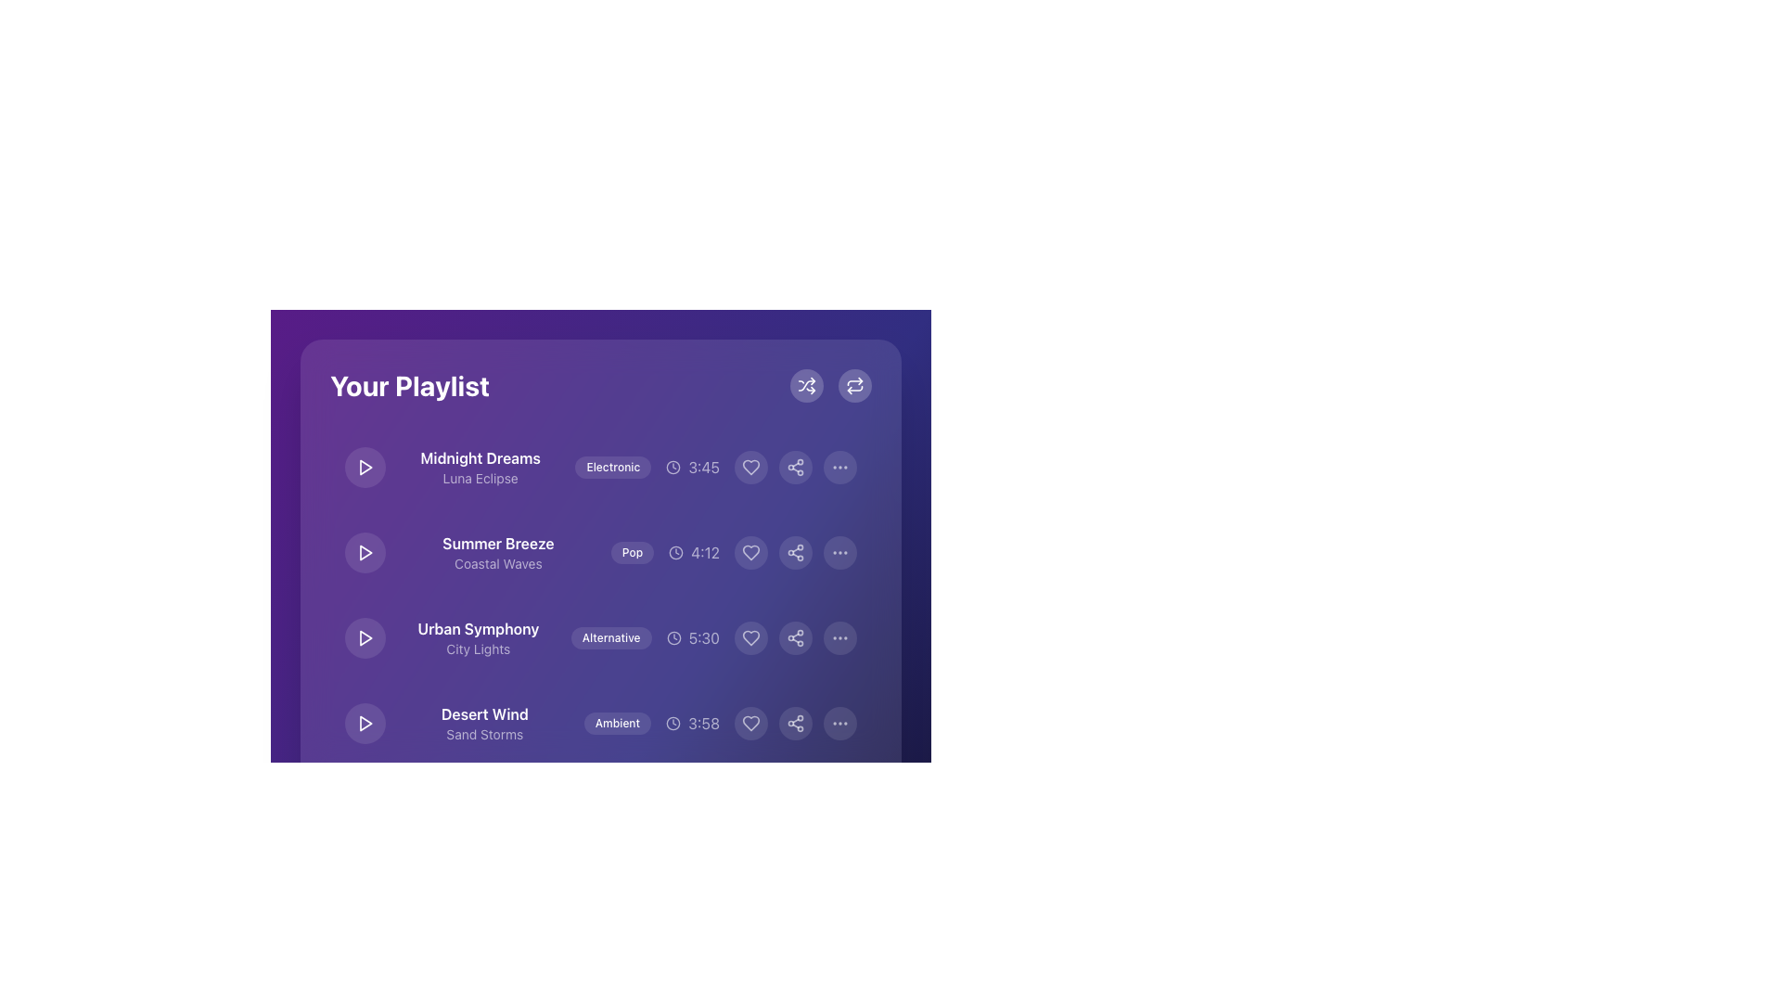 Image resolution: width=1781 pixels, height=1002 pixels. I want to click on the third triangular 'Play' button located directly to the left of the song title 'Urban Symphony' in the playlist interface, so click(365, 636).